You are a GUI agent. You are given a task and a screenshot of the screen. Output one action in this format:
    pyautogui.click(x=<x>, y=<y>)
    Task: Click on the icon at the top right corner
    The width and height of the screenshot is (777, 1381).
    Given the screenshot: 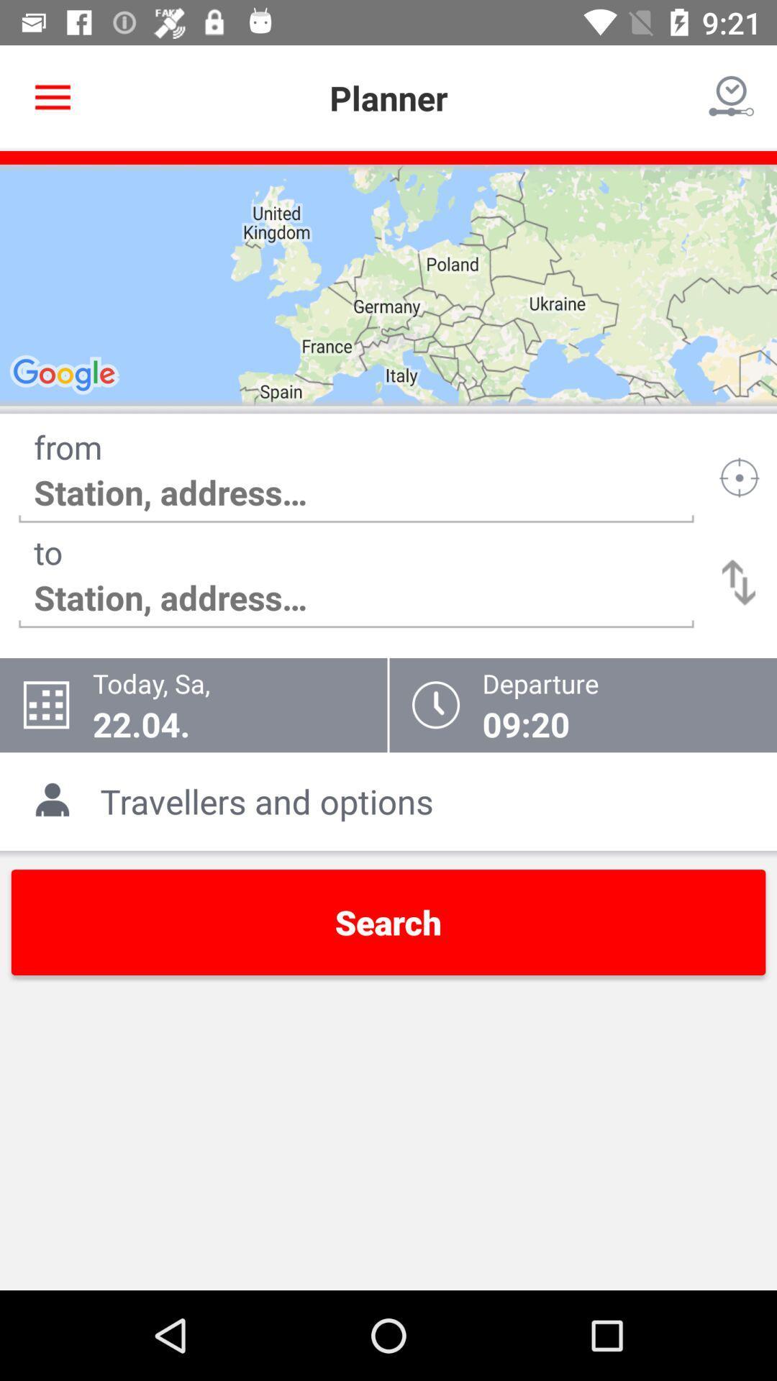 What is the action you would take?
    pyautogui.click(x=732, y=98)
    